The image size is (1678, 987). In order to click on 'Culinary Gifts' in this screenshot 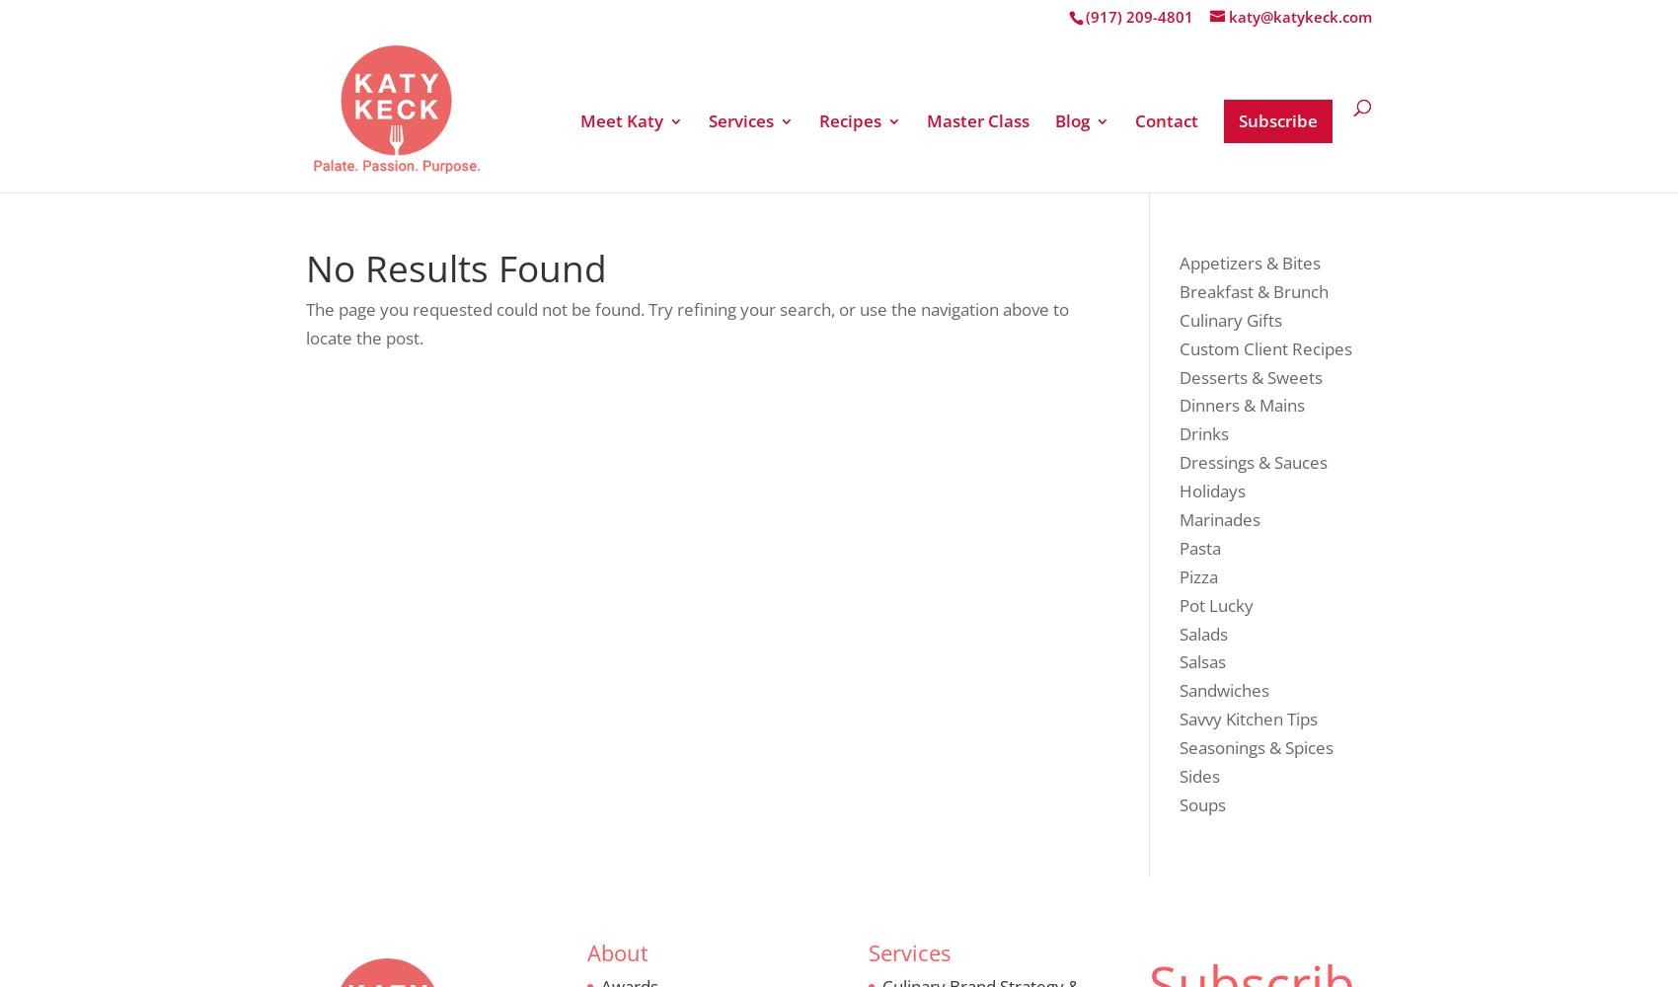, I will do `click(913, 312)`.